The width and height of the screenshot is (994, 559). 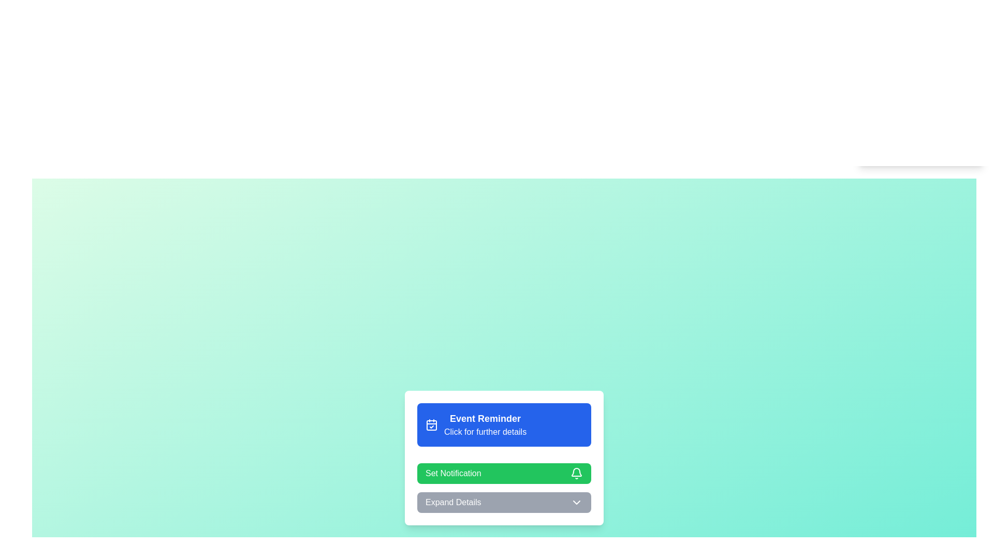 I want to click on Text label indicating an expandable section located on the left side of the horizontal group at the bottom of the vertically stacked panel, so click(x=453, y=502).